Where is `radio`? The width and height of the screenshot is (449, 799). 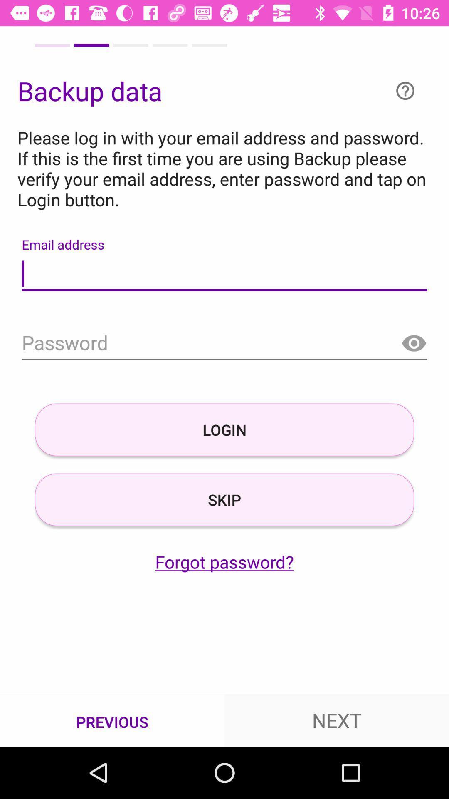 radio is located at coordinates (414, 344).